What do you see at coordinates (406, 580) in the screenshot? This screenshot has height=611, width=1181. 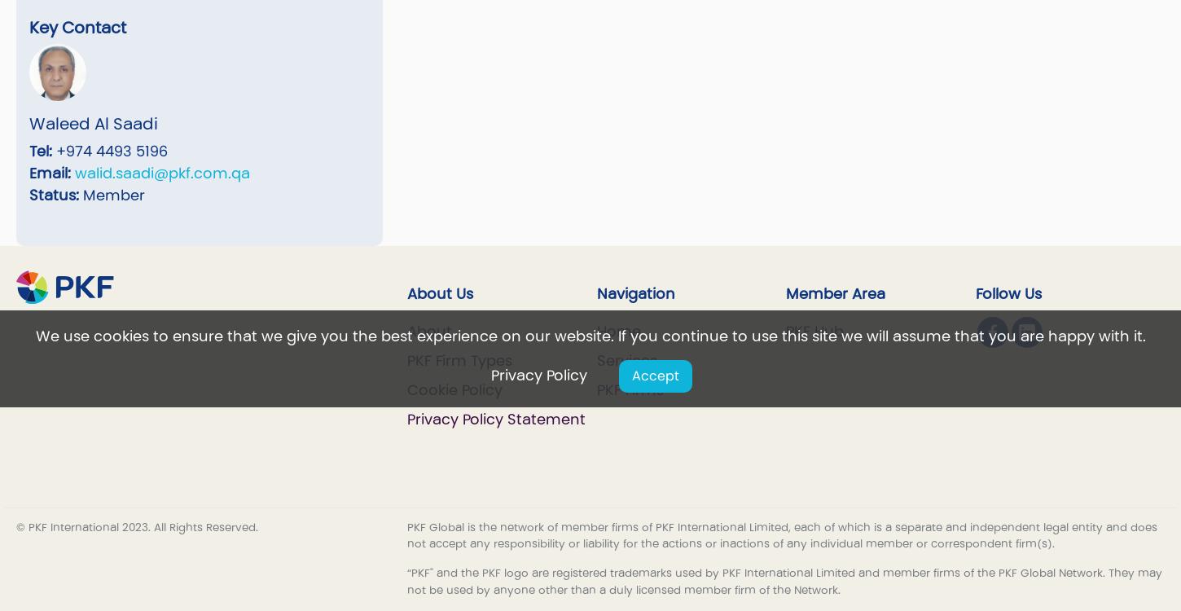 I see `'“PKF" and the PKF logo are registered trademarks used by PKF International Limited and member firms of the PKF Global Network. They may not be used by anyone other than a duly licensed member firm of the Network.'` at bounding box center [406, 580].